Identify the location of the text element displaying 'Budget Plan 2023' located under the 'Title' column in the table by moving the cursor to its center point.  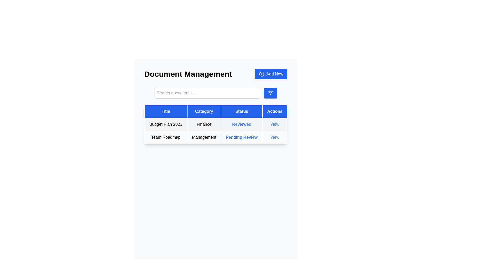
(165, 124).